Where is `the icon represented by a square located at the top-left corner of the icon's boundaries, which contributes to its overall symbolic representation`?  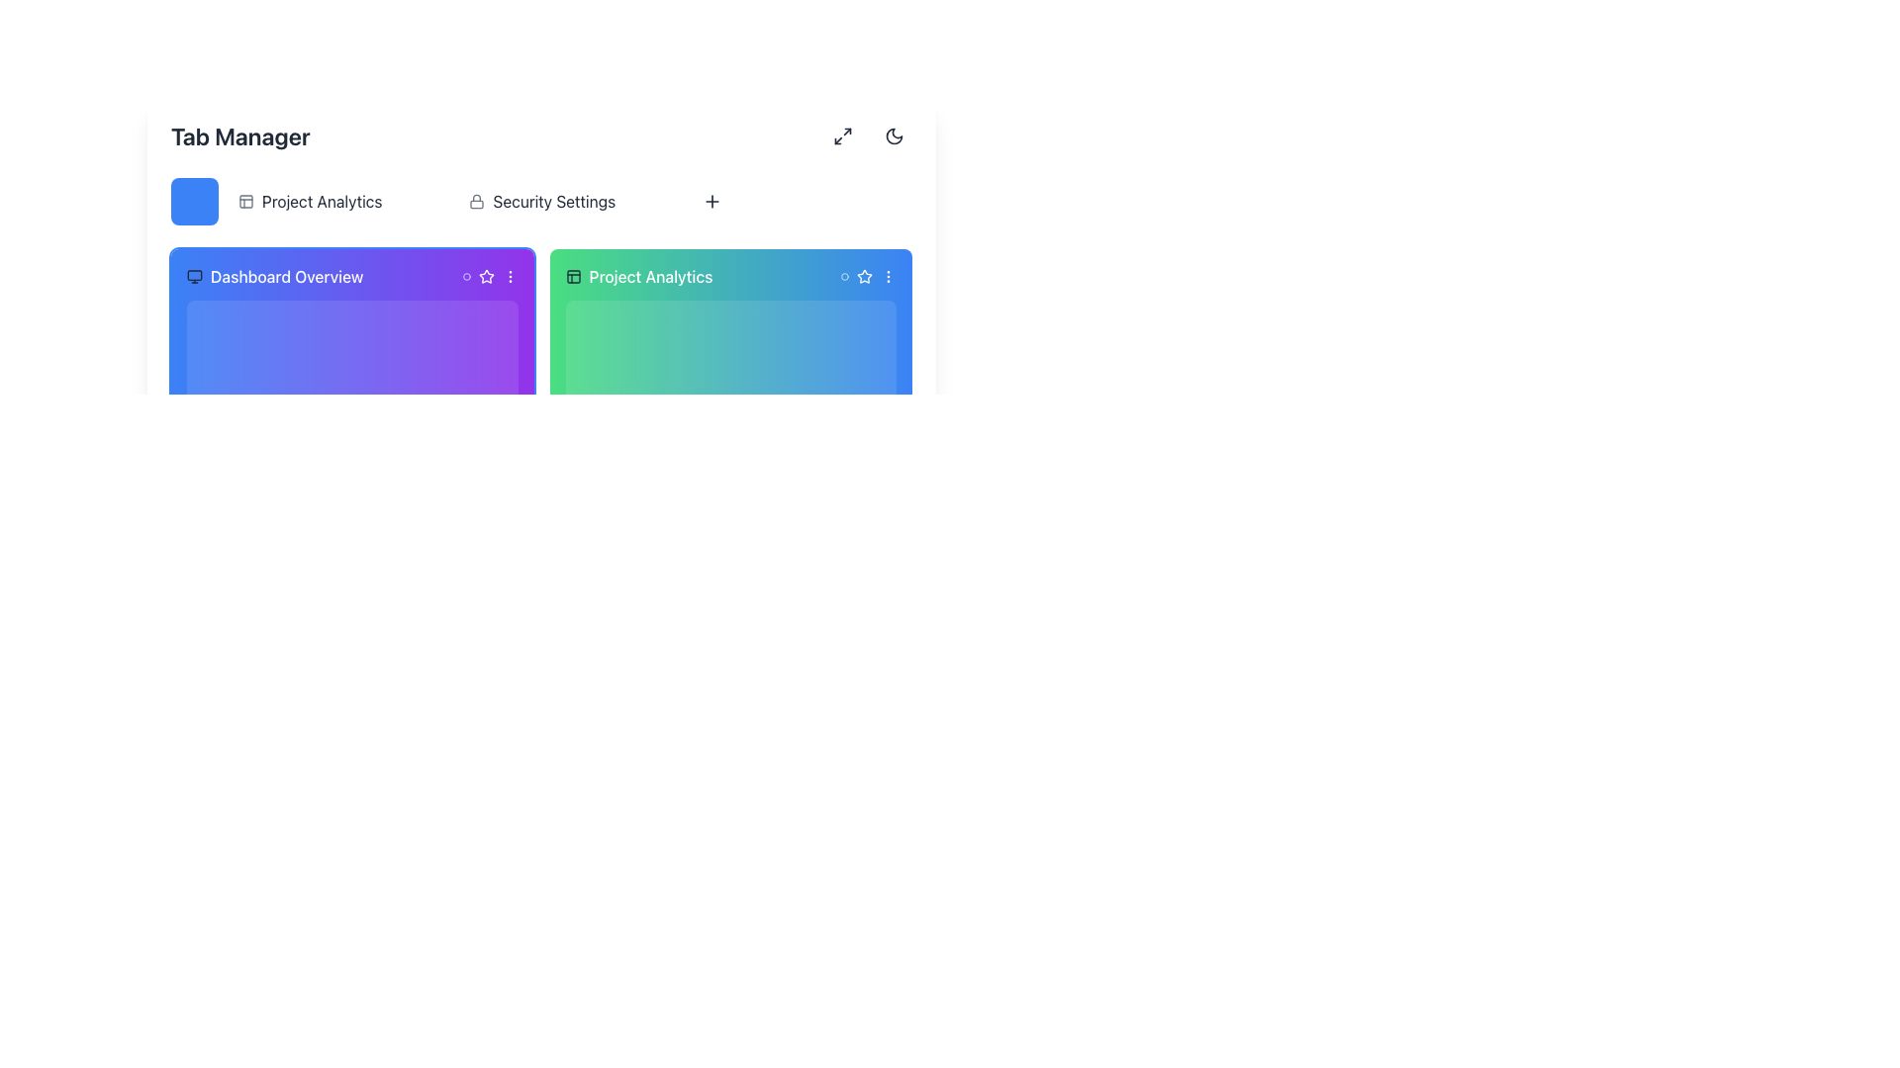
the icon represented by a square located at the top-left corner of the icon's boundaries, which contributes to its overall symbolic representation is located at coordinates (572, 277).